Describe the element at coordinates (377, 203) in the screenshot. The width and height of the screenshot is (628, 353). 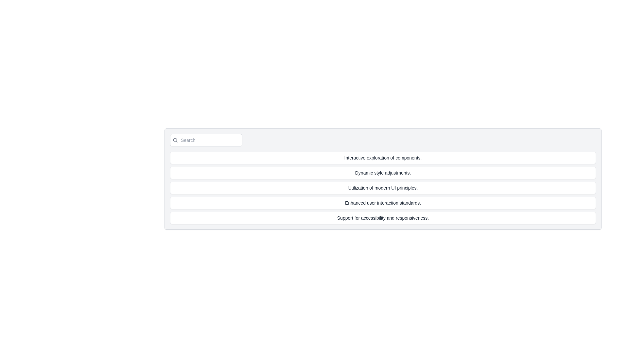
I see `the letter 'i' in the text 'Enhanced user interaction standards.', which is the 23rd character of the phrase` at that location.